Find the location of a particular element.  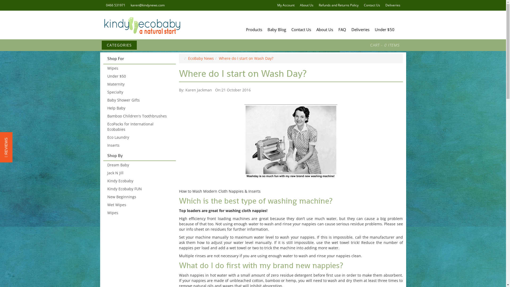

'My Account' is located at coordinates (286, 5).